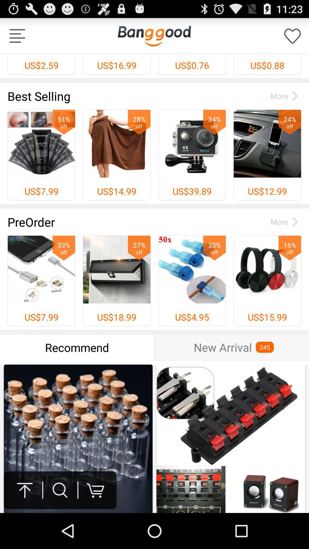 This screenshot has height=549, width=309. What do you see at coordinates (292, 38) in the screenshot?
I see `the favorite icon` at bounding box center [292, 38].